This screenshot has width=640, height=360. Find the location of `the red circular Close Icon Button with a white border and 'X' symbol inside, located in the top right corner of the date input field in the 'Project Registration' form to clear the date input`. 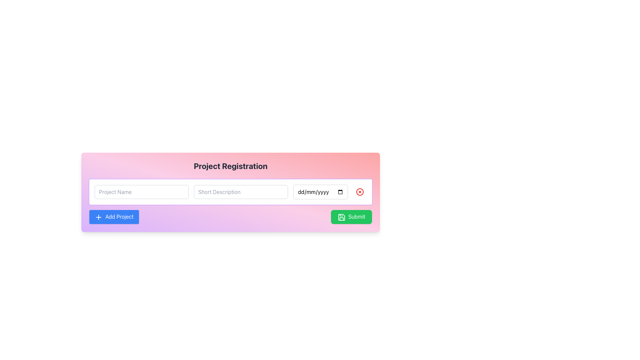

the red circular Close Icon Button with a white border and 'X' symbol inside, located in the top right corner of the date input field in the 'Project Registration' form to clear the date input is located at coordinates (360, 192).